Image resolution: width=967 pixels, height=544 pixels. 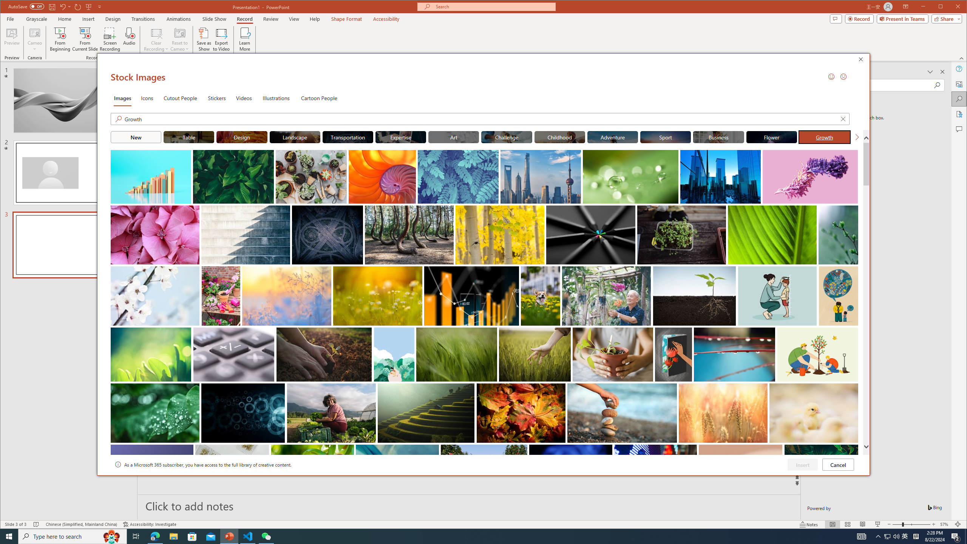 What do you see at coordinates (400, 136) in the screenshot?
I see `'"Expertise" Stock Images.'` at bounding box center [400, 136].